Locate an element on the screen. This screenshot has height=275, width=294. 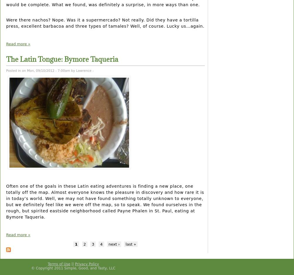
'© Copyright 2011 Simple, Good, and Tasty, LLC' is located at coordinates (73, 268).